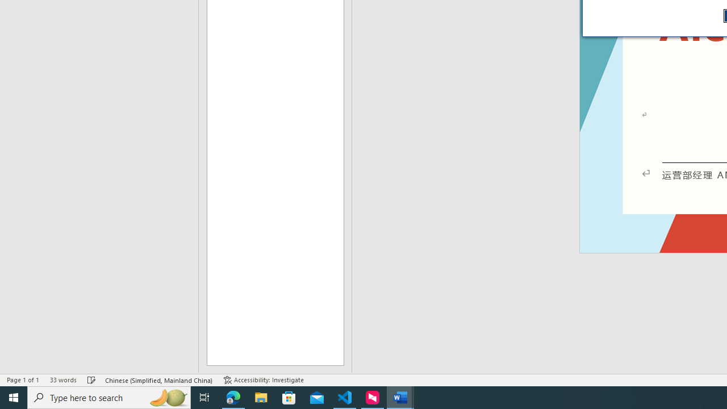 The image size is (727, 409). I want to click on 'Search highlights icon opens search home window', so click(167, 397).